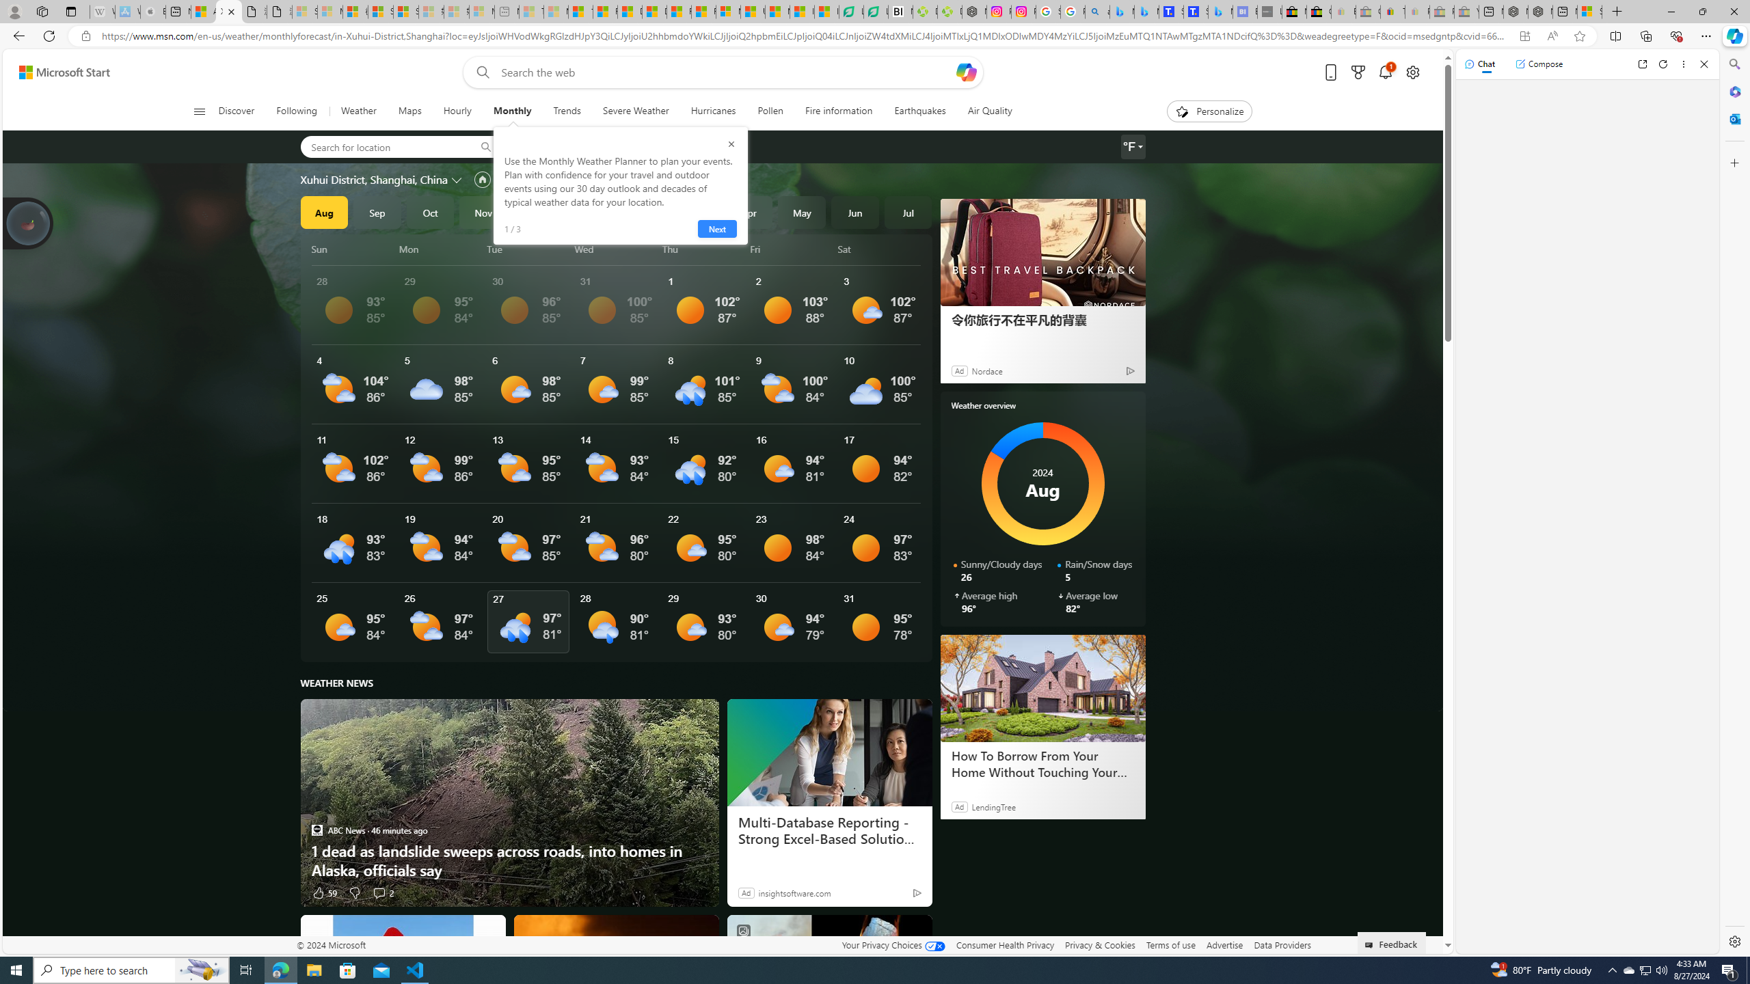  What do you see at coordinates (381, 892) in the screenshot?
I see `'View comments 2 Comment'` at bounding box center [381, 892].